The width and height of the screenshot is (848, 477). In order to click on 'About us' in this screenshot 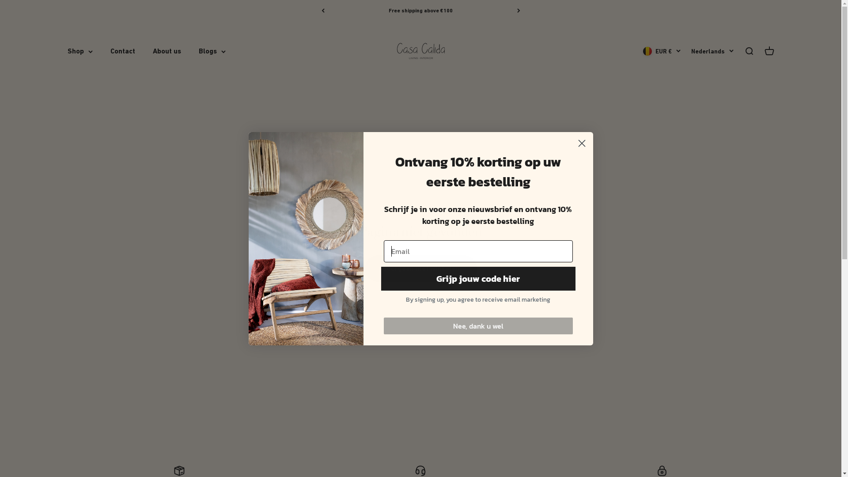, I will do `click(167, 51)`.